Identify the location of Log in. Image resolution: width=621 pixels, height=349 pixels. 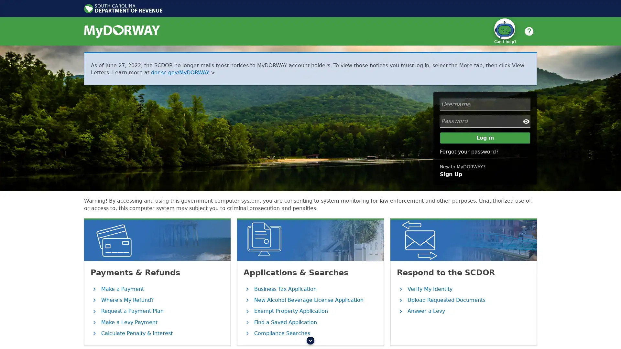
(485, 137).